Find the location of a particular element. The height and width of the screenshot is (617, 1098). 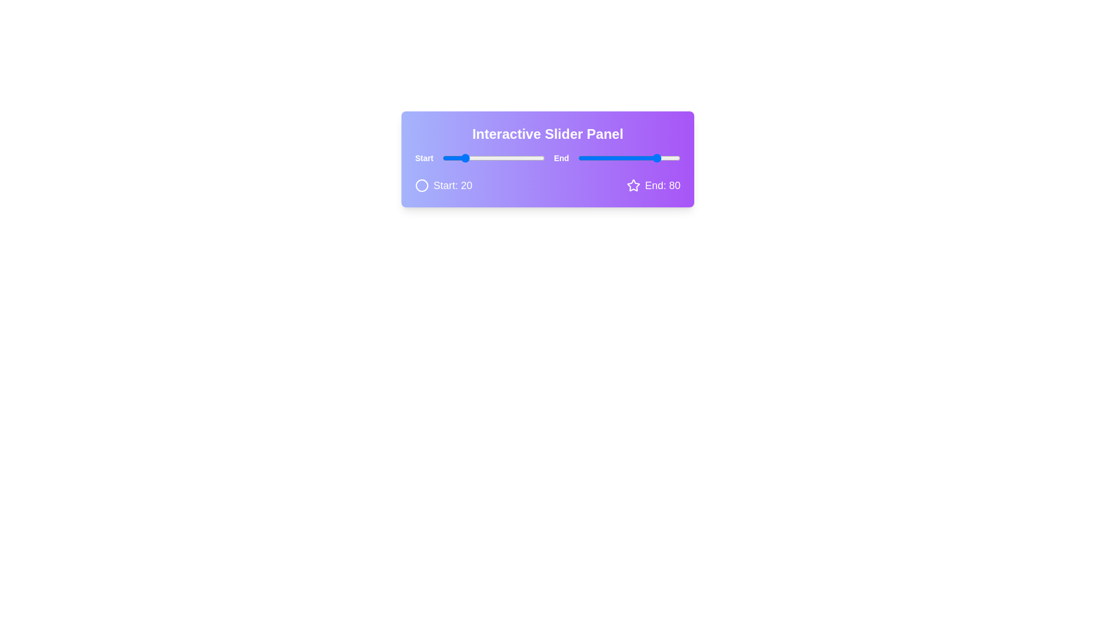

the slider is located at coordinates (580, 158).